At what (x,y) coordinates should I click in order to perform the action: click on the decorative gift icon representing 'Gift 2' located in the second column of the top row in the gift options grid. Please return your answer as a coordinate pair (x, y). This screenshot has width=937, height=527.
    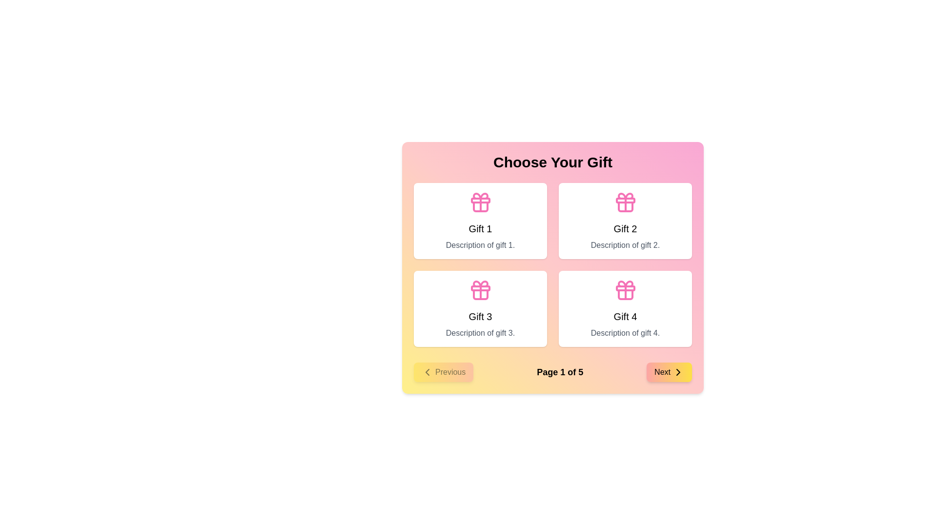
    Looking at the image, I should click on (625, 206).